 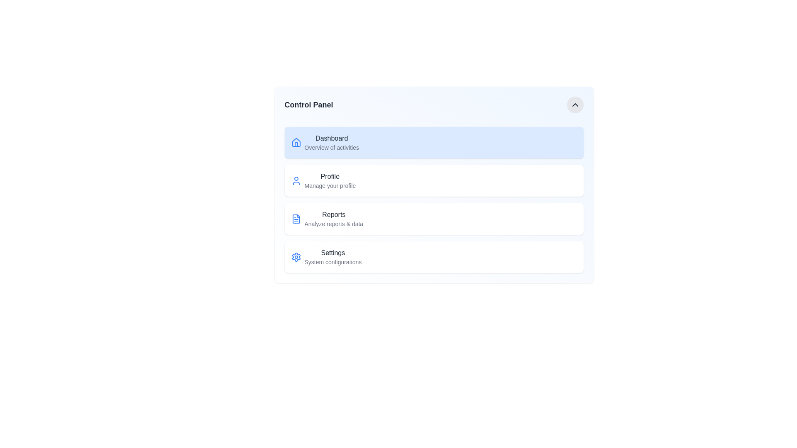 What do you see at coordinates (433, 180) in the screenshot?
I see `the second card in the list labeled 'Profile'` at bounding box center [433, 180].